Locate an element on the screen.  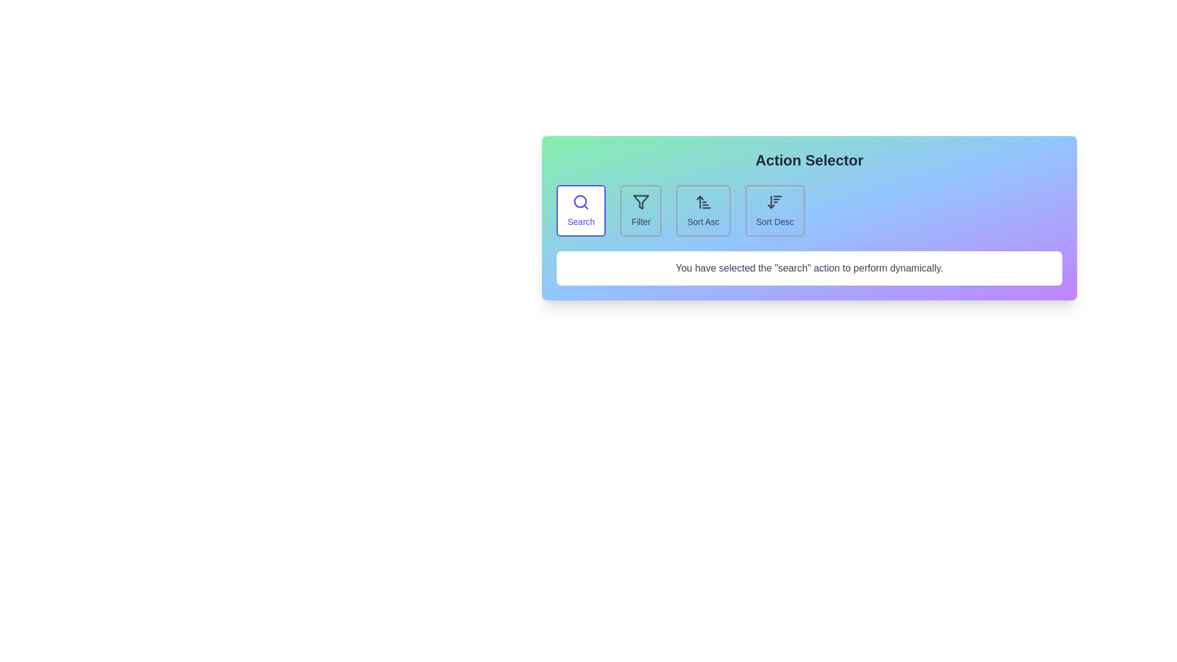
the decorative circular element within the magnifying glass icon located on the first button labeled 'Search' is located at coordinates (579, 200).